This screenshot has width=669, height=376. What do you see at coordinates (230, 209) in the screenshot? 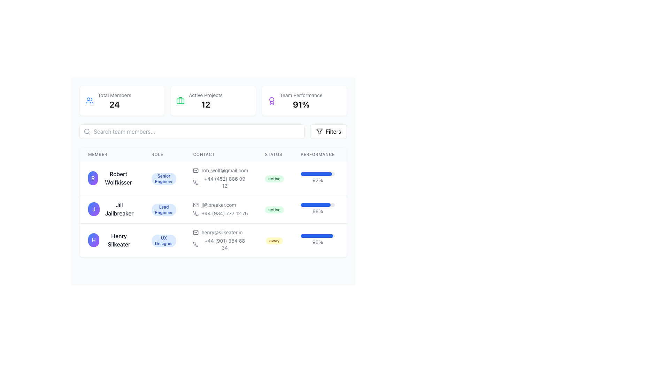
I see `the interactive sub-element within the row of information for 'Jill Jailbreaker', which includes the avatar, name, role, contact details, or status label` at bounding box center [230, 209].